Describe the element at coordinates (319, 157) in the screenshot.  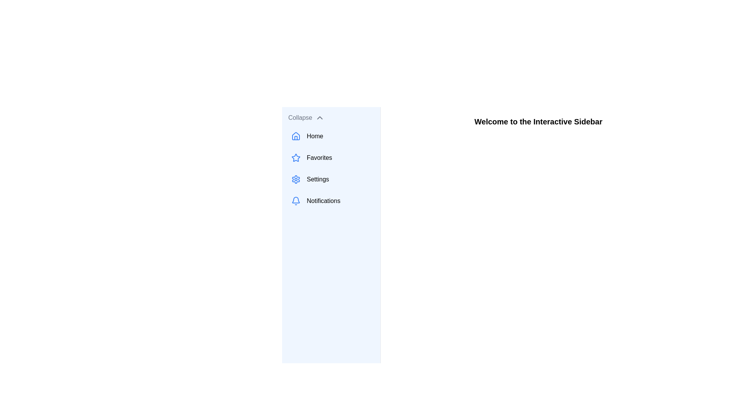
I see `the 'Favorites' text label in the vertical navigation menu, which is displayed in black font and located next to a blue outlined star icon` at that location.